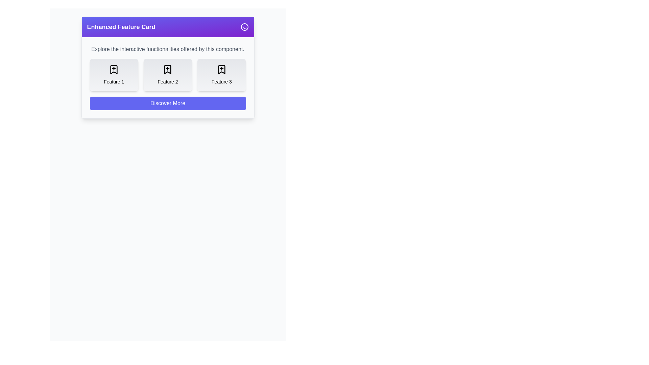 The width and height of the screenshot is (649, 365). What do you see at coordinates (221, 69) in the screenshot?
I see `the filled bookmark-shaped icon with a '+' symbol located in the third column of the feature icons beneath the 'Enhanced Feature Card' section` at bounding box center [221, 69].